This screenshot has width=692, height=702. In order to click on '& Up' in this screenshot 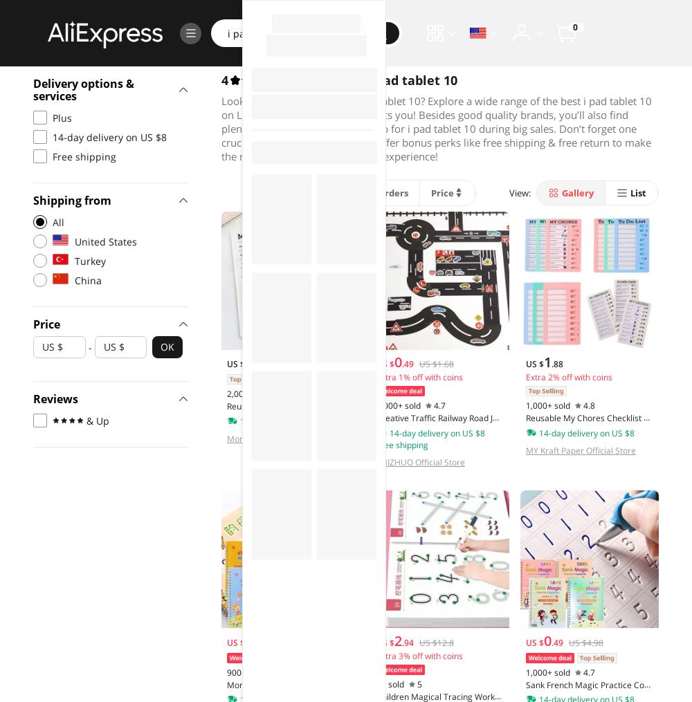, I will do `click(98, 419)`.